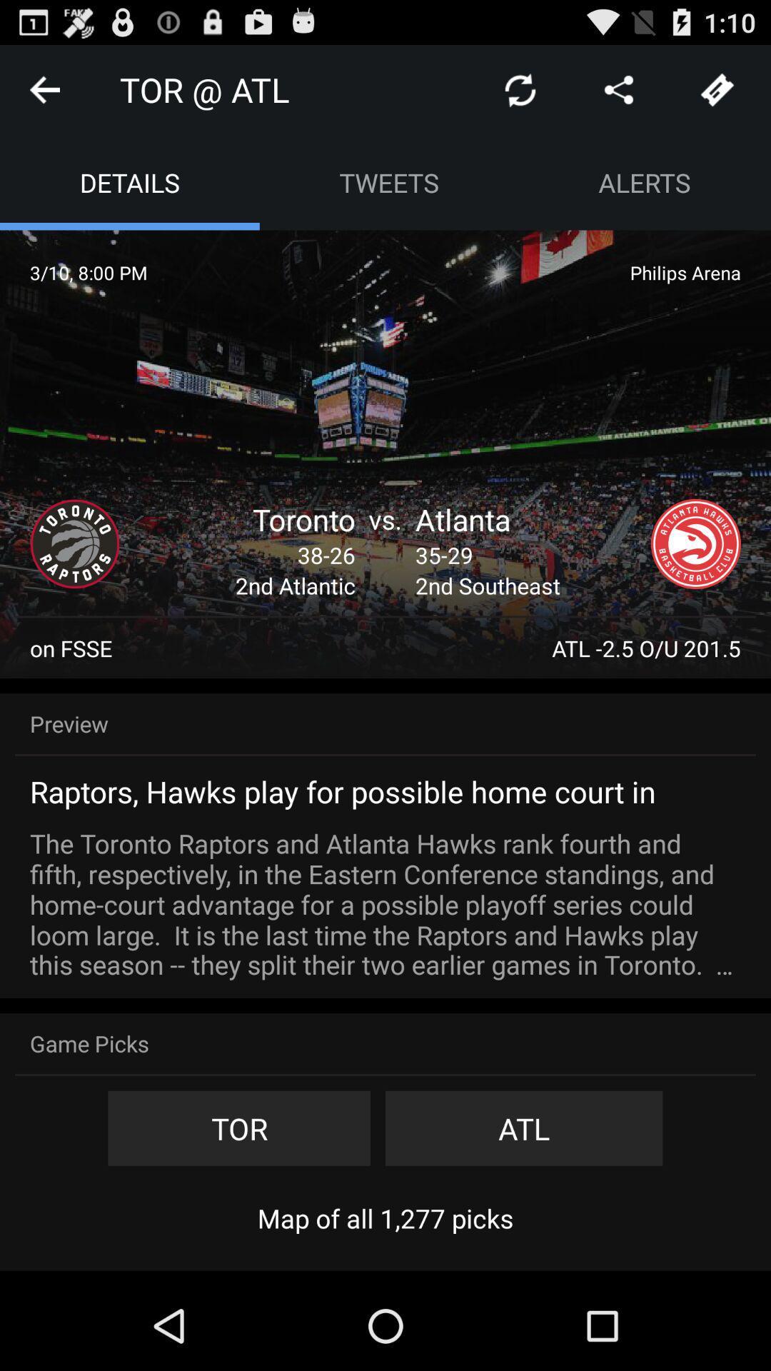  Describe the element at coordinates (618, 95) in the screenshot. I see `the share icon` at that location.